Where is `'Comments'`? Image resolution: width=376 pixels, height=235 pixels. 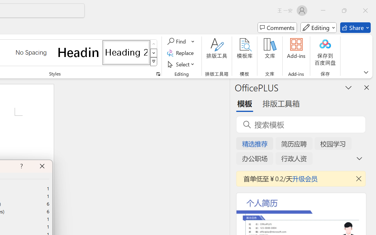
'Comments' is located at coordinates (277, 28).